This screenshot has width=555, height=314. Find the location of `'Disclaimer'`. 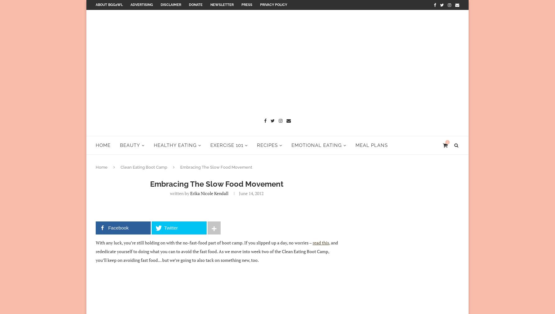

'Disclaimer' is located at coordinates (171, 4).